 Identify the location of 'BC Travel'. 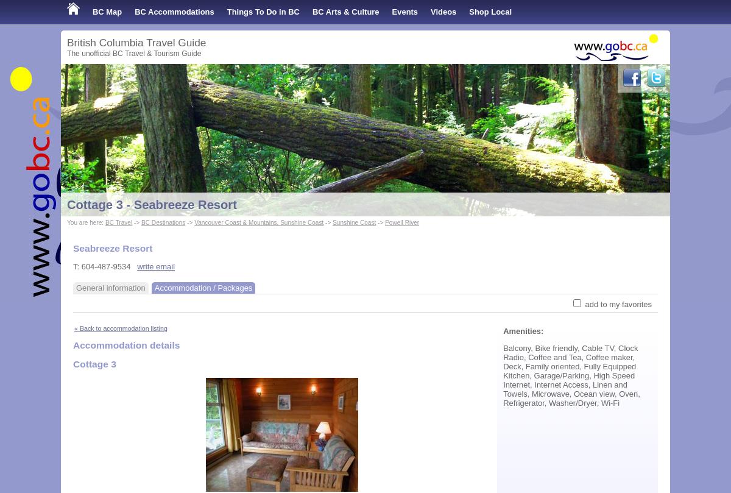
(118, 222).